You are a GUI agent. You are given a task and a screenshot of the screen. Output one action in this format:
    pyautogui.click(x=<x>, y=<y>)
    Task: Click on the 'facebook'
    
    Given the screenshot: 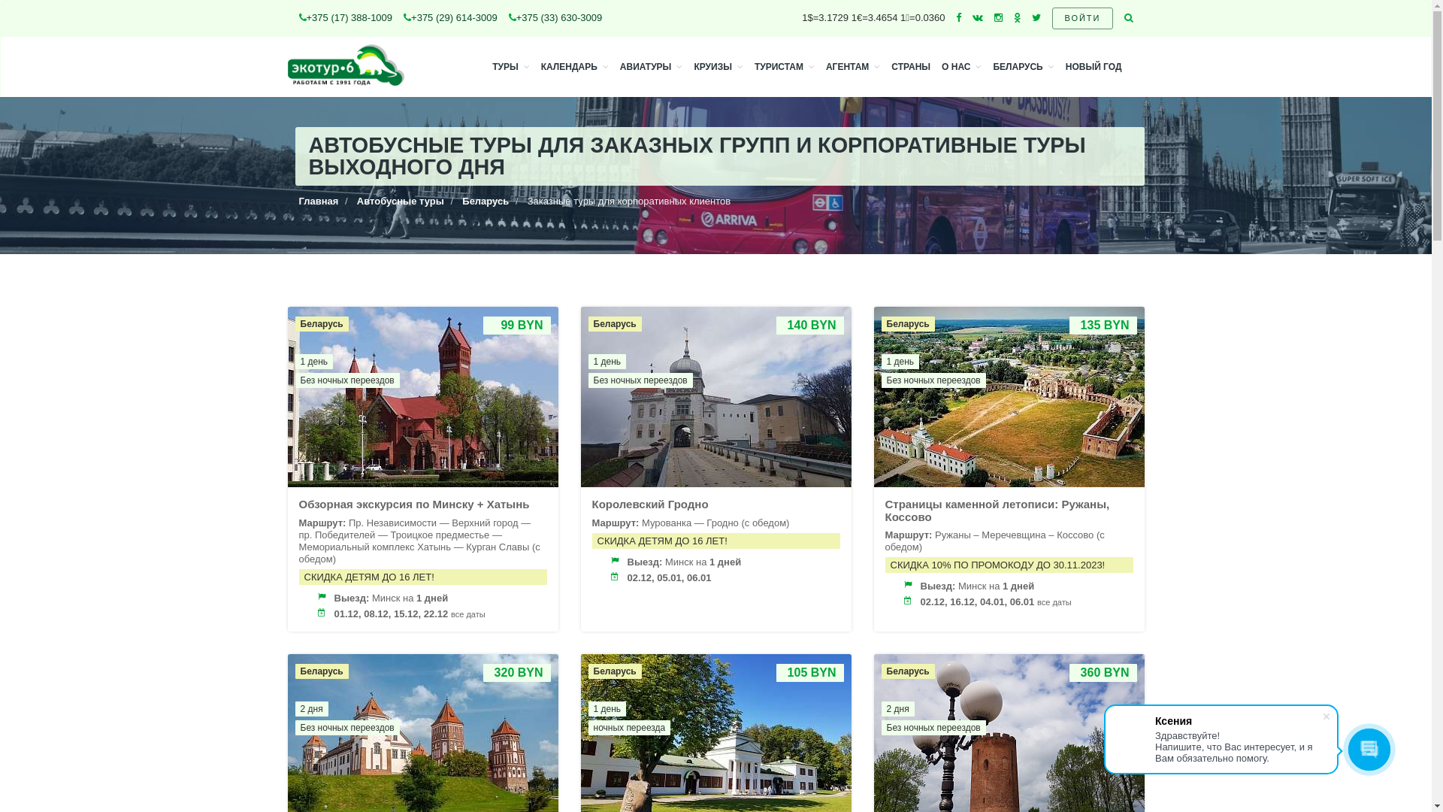 What is the action you would take?
    pyautogui.click(x=957, y=17)
    